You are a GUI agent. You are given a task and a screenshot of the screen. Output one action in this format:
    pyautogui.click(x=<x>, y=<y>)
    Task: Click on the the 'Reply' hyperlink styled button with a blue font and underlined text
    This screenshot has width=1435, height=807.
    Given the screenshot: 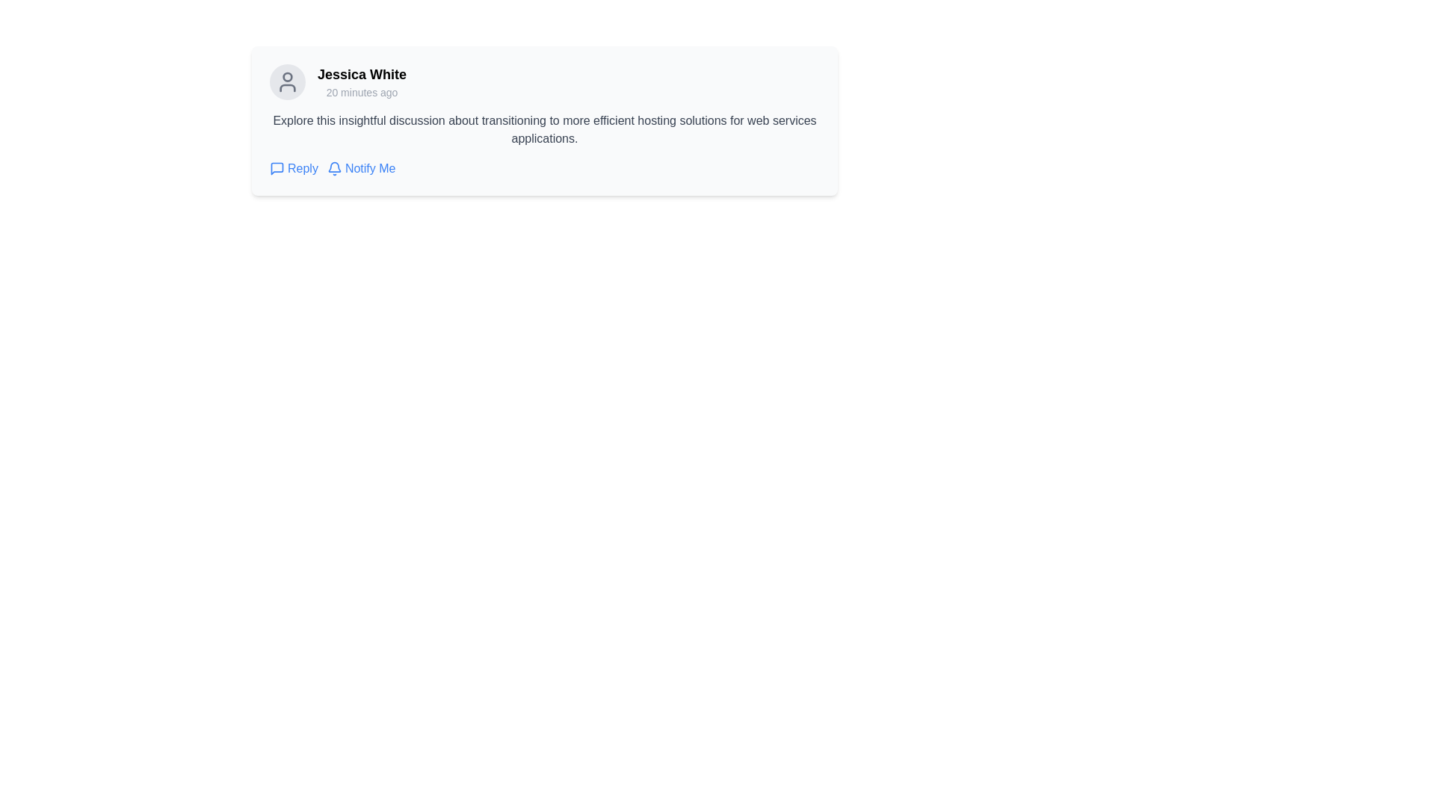 What is the action you would take?
    pyautogui.click(x=294, y=168)
    